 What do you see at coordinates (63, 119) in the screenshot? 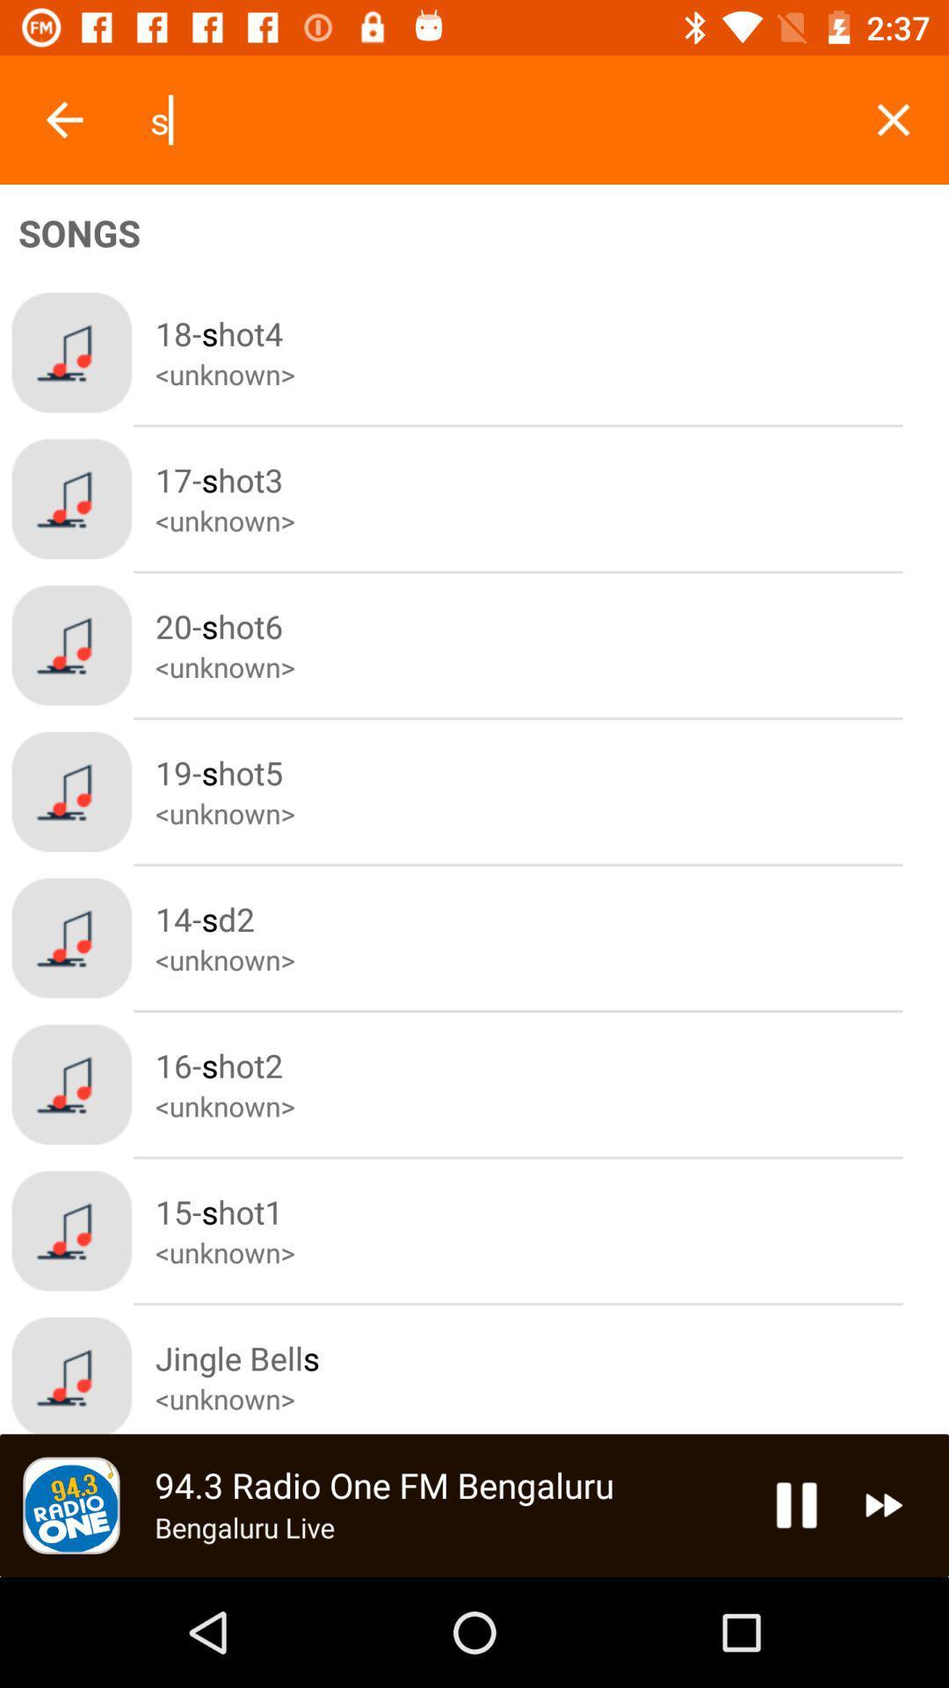
I see `the arrow_backward icon` at bounding box center [63, 119].